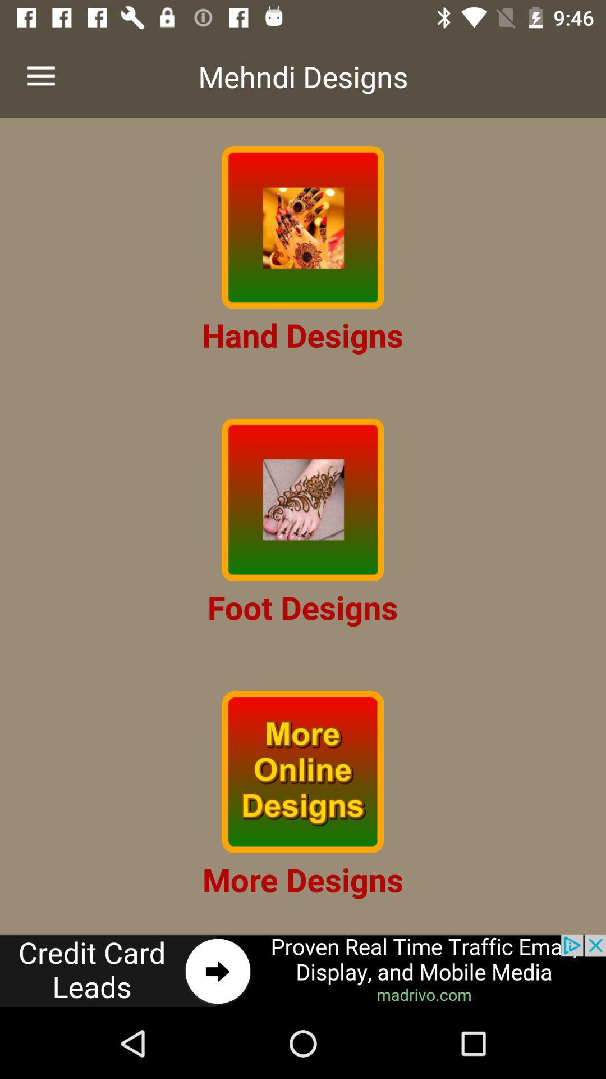  Describe the element at coordinates (303, 971) in the screenshot. I see `advertisement` at that location.